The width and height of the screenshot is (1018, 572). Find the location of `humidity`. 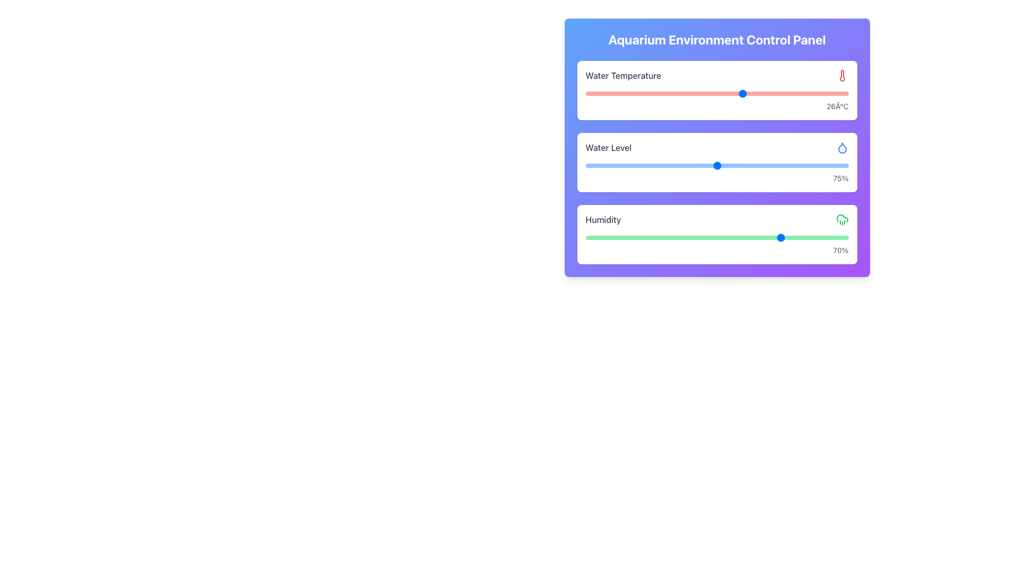

humidity is located at coordinates (821, 237).